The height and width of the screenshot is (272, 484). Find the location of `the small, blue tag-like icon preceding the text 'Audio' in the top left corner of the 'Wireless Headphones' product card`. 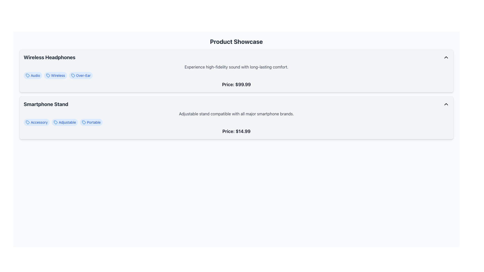

the small, blue tag-like icon preceding the text 'Audio' in the top left corner of the 'Wireless Headphones' product card is located at coordinates (27, 76).